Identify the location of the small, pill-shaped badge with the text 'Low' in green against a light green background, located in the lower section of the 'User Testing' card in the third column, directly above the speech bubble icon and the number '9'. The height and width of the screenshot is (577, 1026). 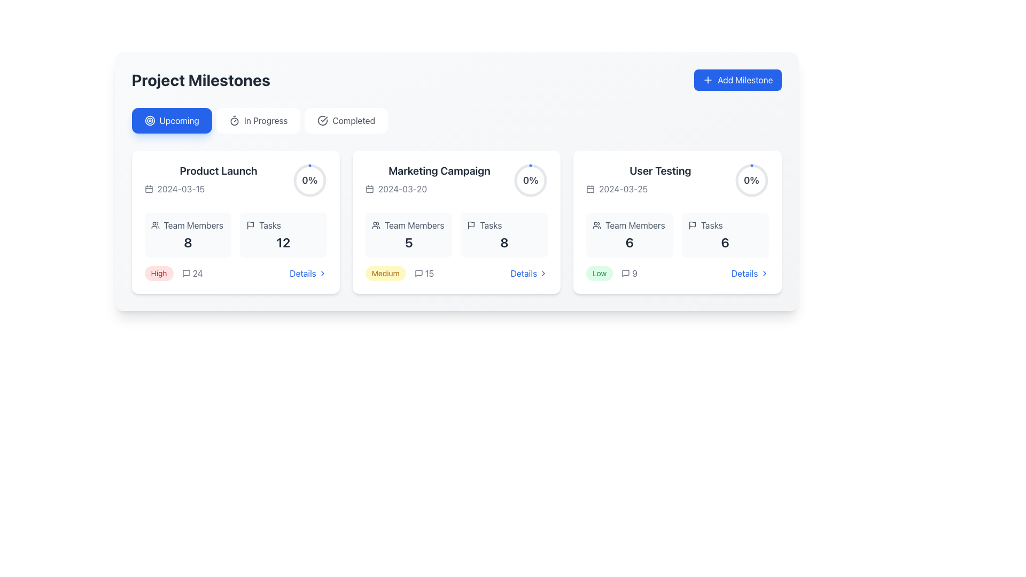
(600, 273).